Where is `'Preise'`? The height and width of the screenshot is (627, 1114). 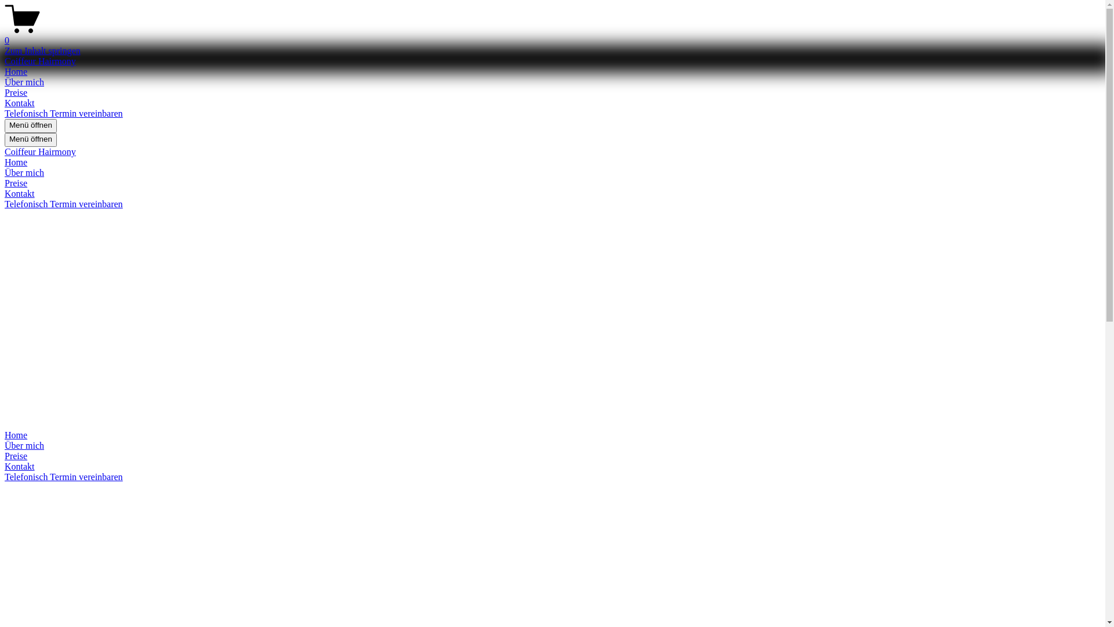
'Preise' is located at coordinates (552, 456).